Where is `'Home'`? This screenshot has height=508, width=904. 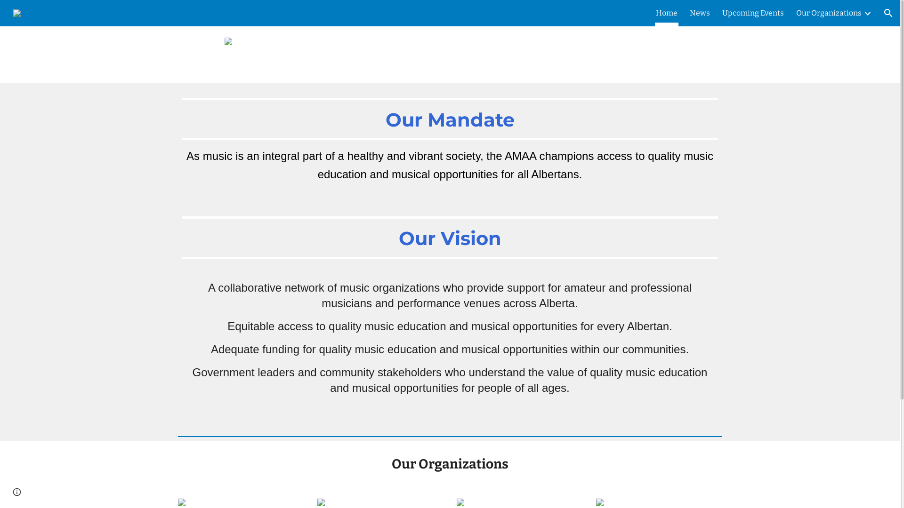 'Home' is located at coordinates (666, 13).